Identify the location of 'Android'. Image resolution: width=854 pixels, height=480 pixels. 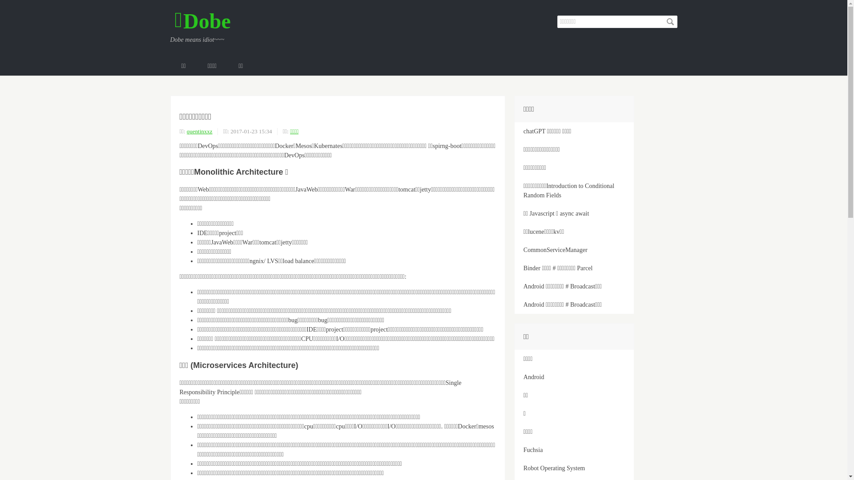
(514, 377).